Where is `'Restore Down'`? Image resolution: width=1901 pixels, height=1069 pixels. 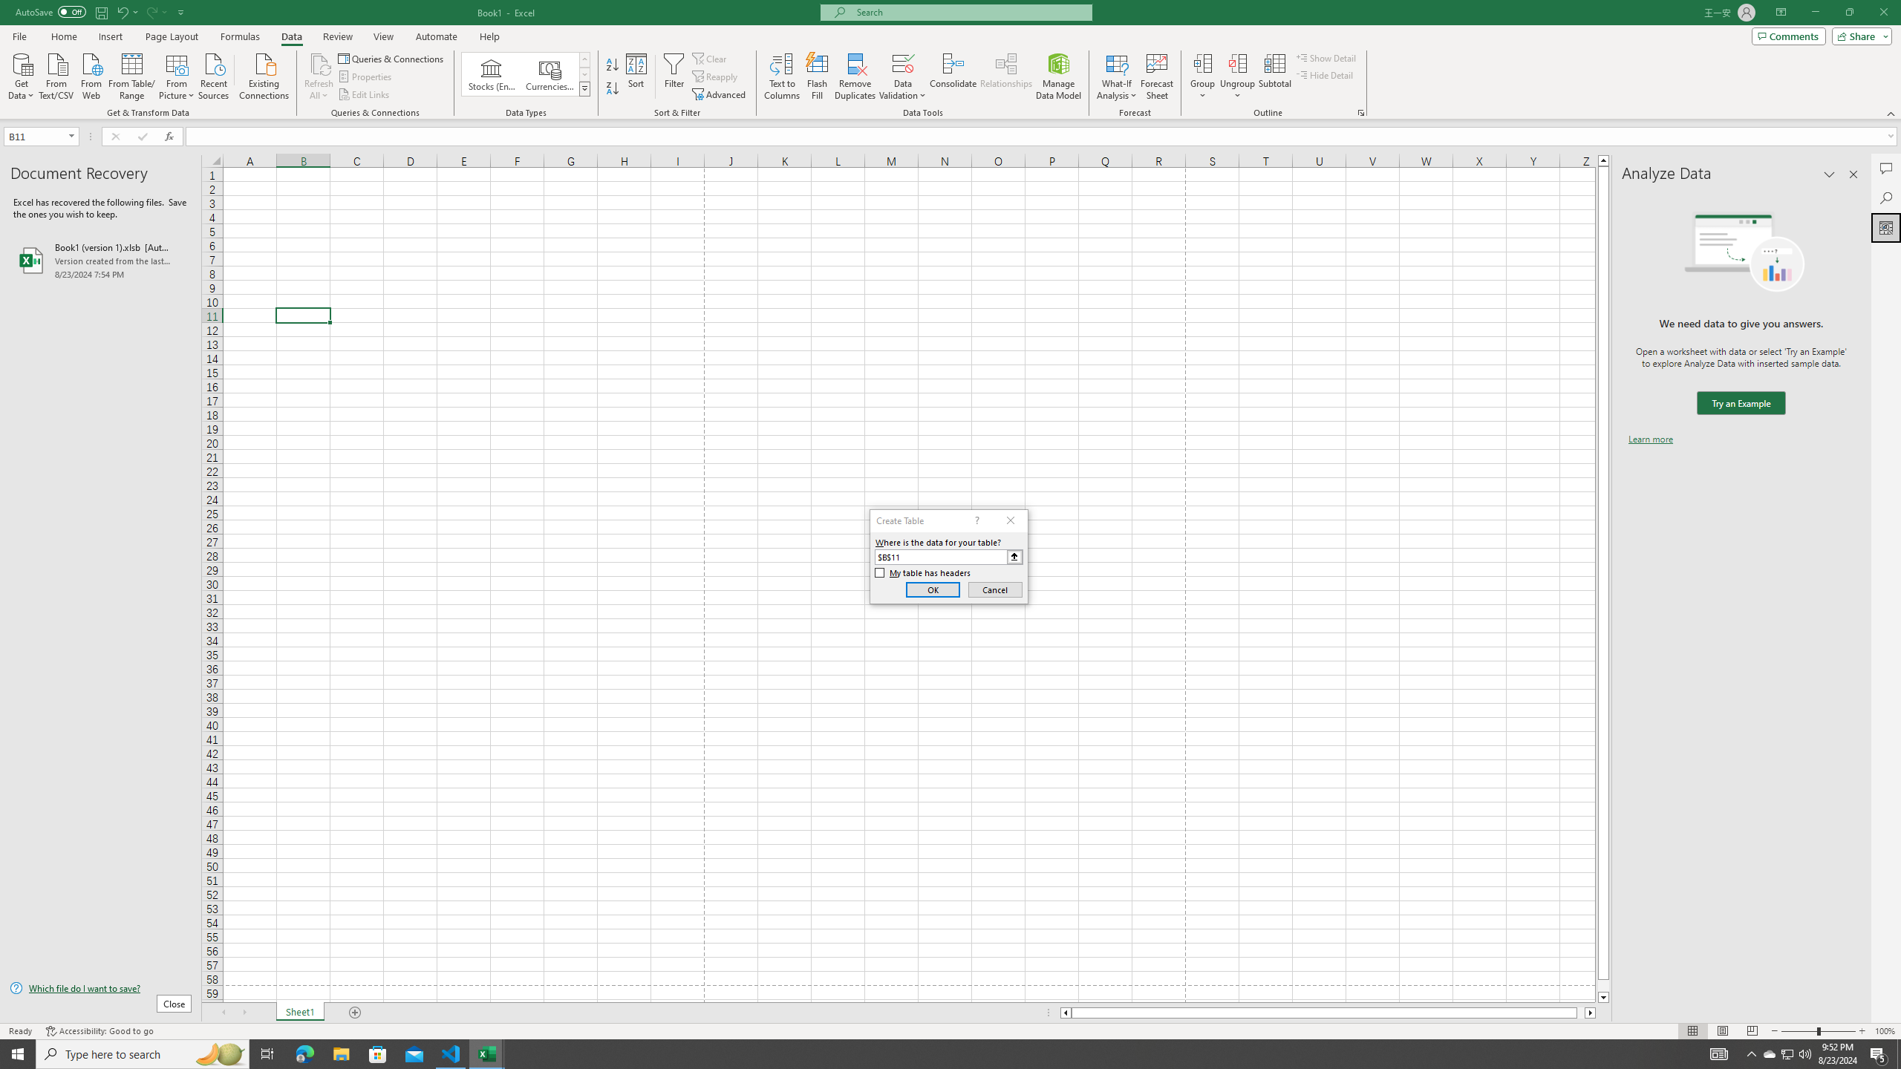 'Restore Down' is located at coordinates (1849, 12).